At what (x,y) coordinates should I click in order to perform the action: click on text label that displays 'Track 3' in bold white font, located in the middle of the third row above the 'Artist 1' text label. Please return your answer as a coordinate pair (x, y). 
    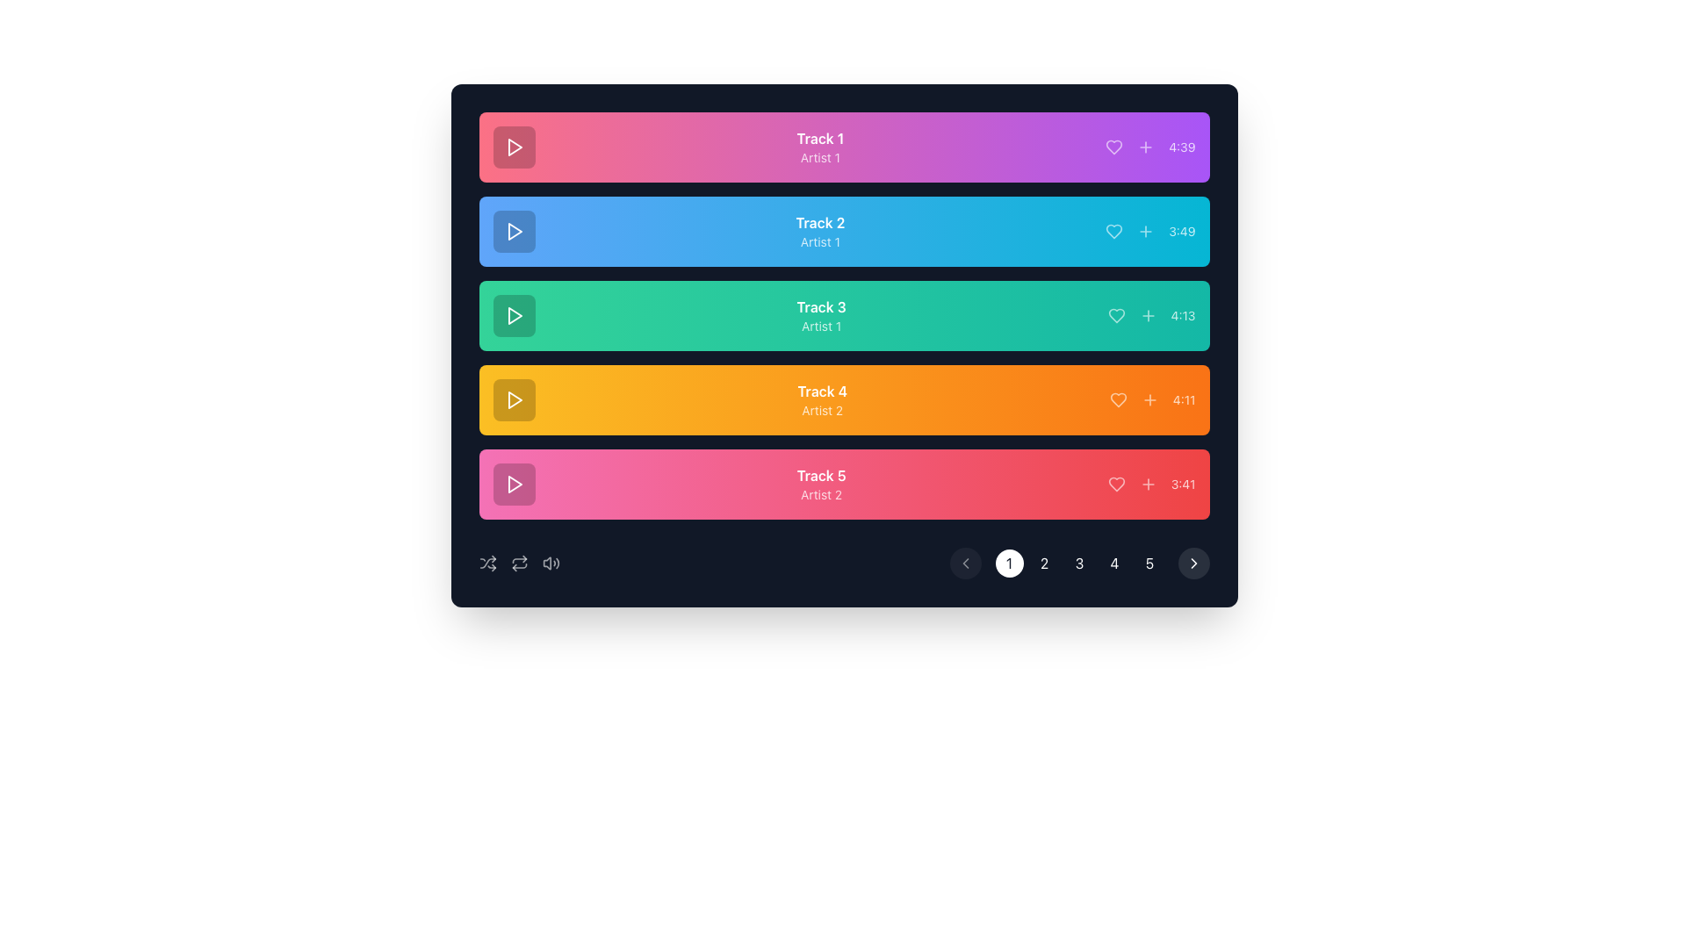
    Looking at the image, I should click on (820, 306).